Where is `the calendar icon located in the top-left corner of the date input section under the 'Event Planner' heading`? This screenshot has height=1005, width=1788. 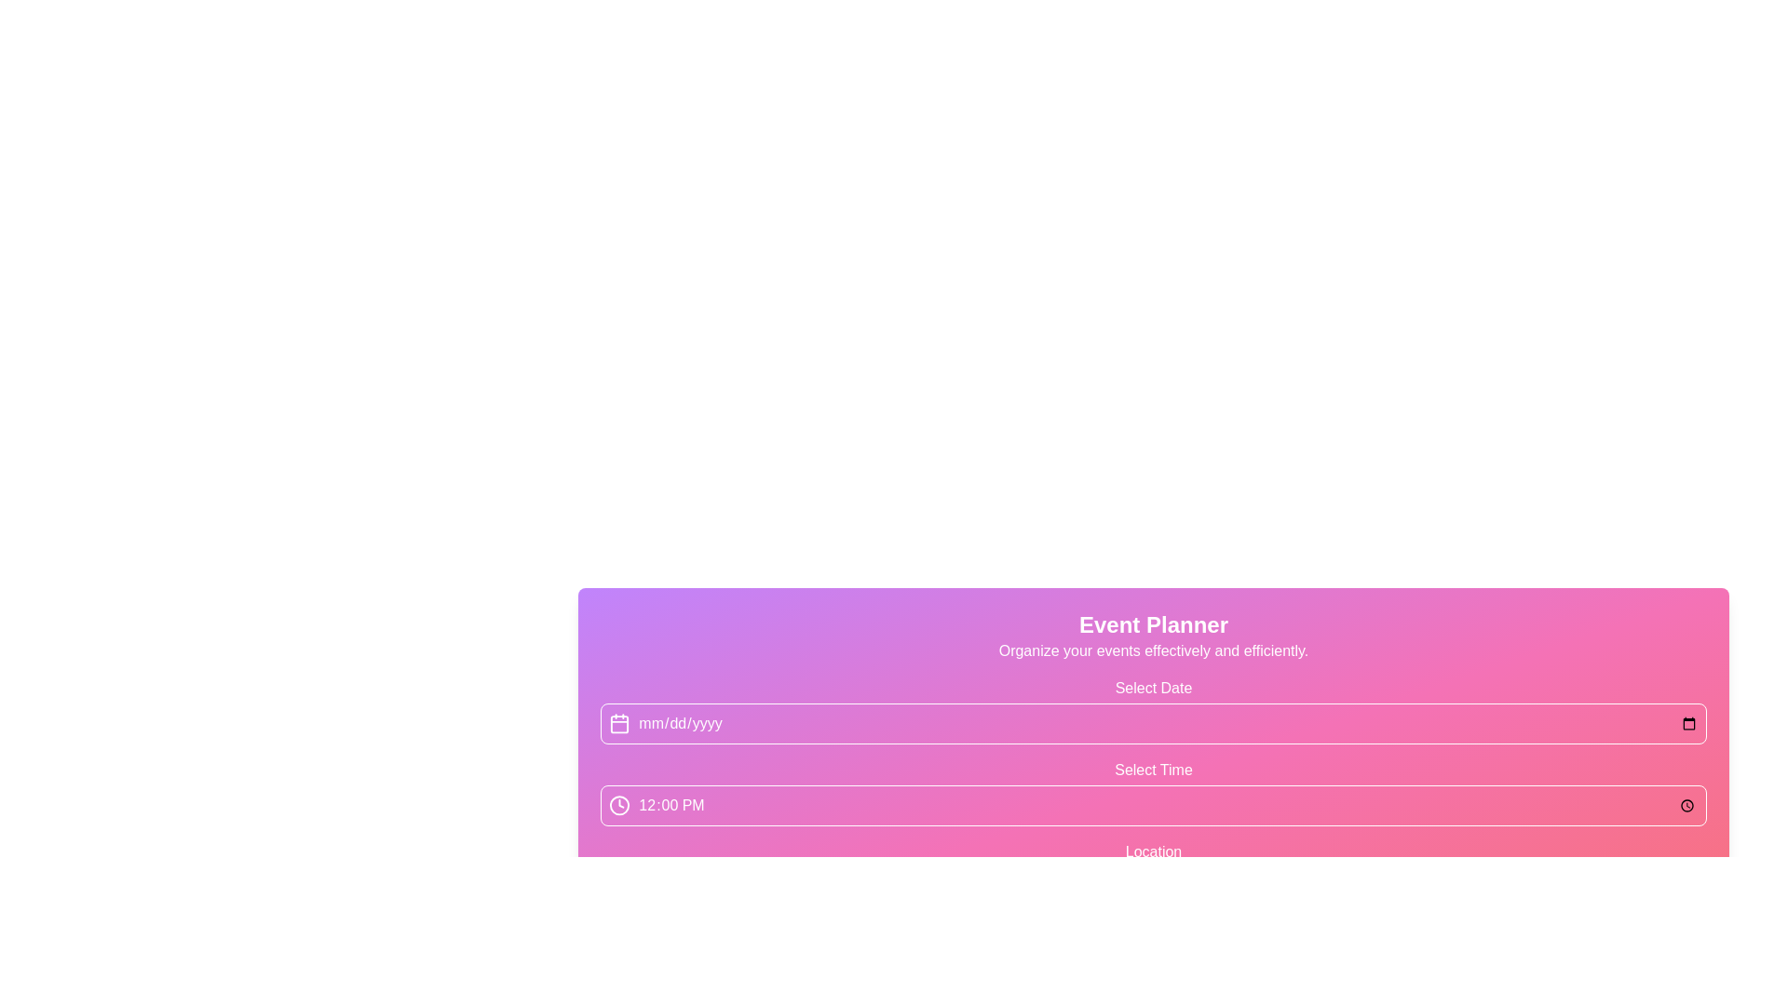 the calendar icon located in the top-left corner of the date input section under the 'Event Planner' heading is located at coordinates (619, 723).